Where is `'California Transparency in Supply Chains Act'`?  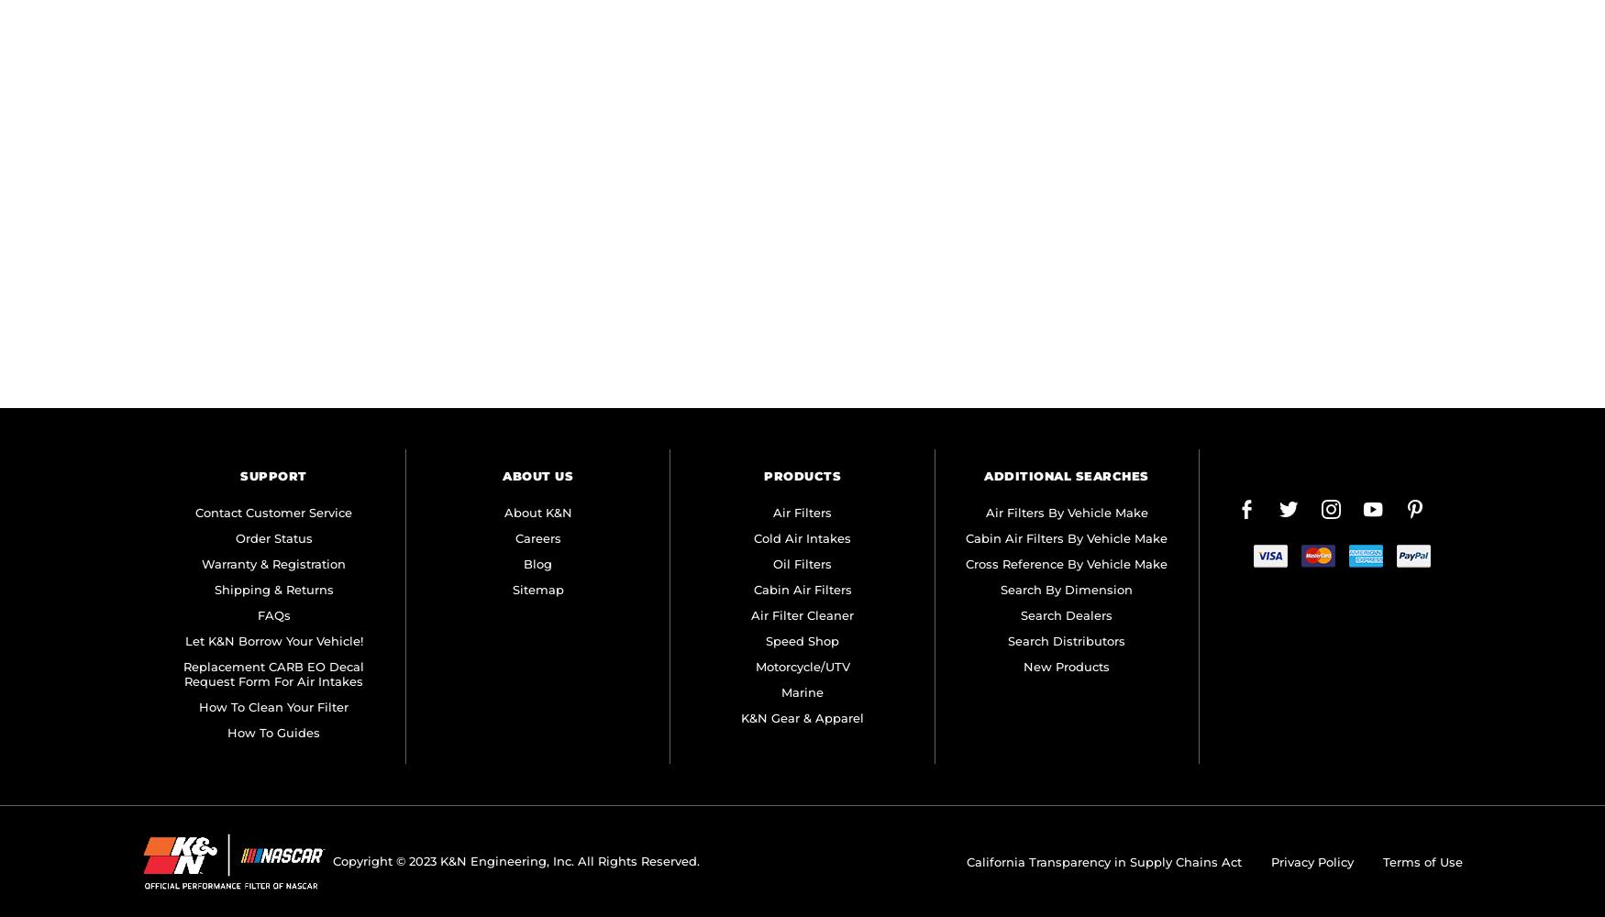 'California Transparency in Supply Chains Act' is located at coordinates (1104, 860).